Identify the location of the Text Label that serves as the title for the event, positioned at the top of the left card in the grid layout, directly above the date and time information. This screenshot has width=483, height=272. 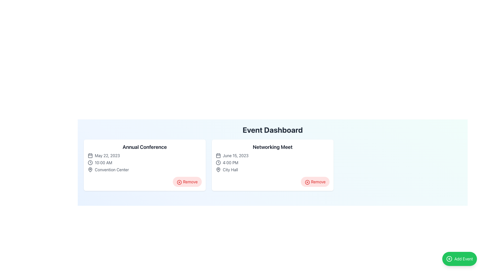
(144, 147).